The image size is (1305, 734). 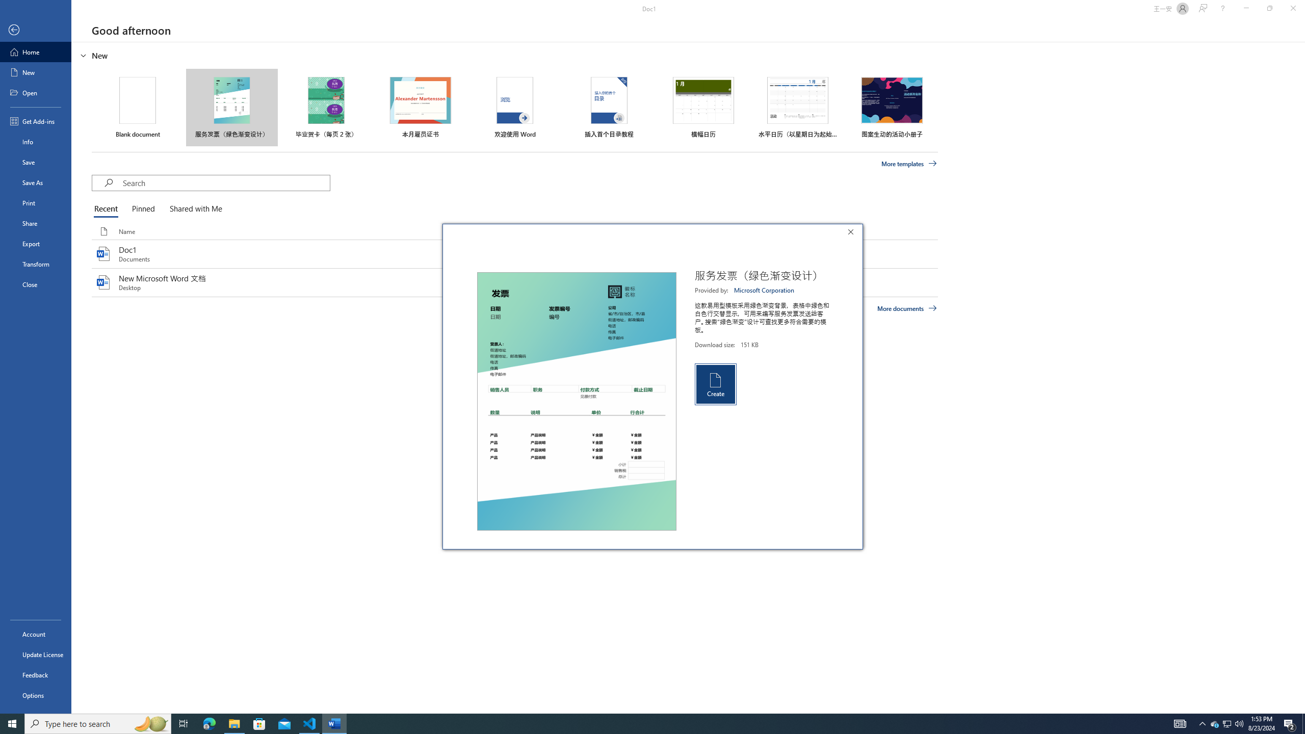 What do you see at coordinates (765, 290) in the screenshot?
I see `'Microsoft Corporation'` at bounding box center [765, 290].